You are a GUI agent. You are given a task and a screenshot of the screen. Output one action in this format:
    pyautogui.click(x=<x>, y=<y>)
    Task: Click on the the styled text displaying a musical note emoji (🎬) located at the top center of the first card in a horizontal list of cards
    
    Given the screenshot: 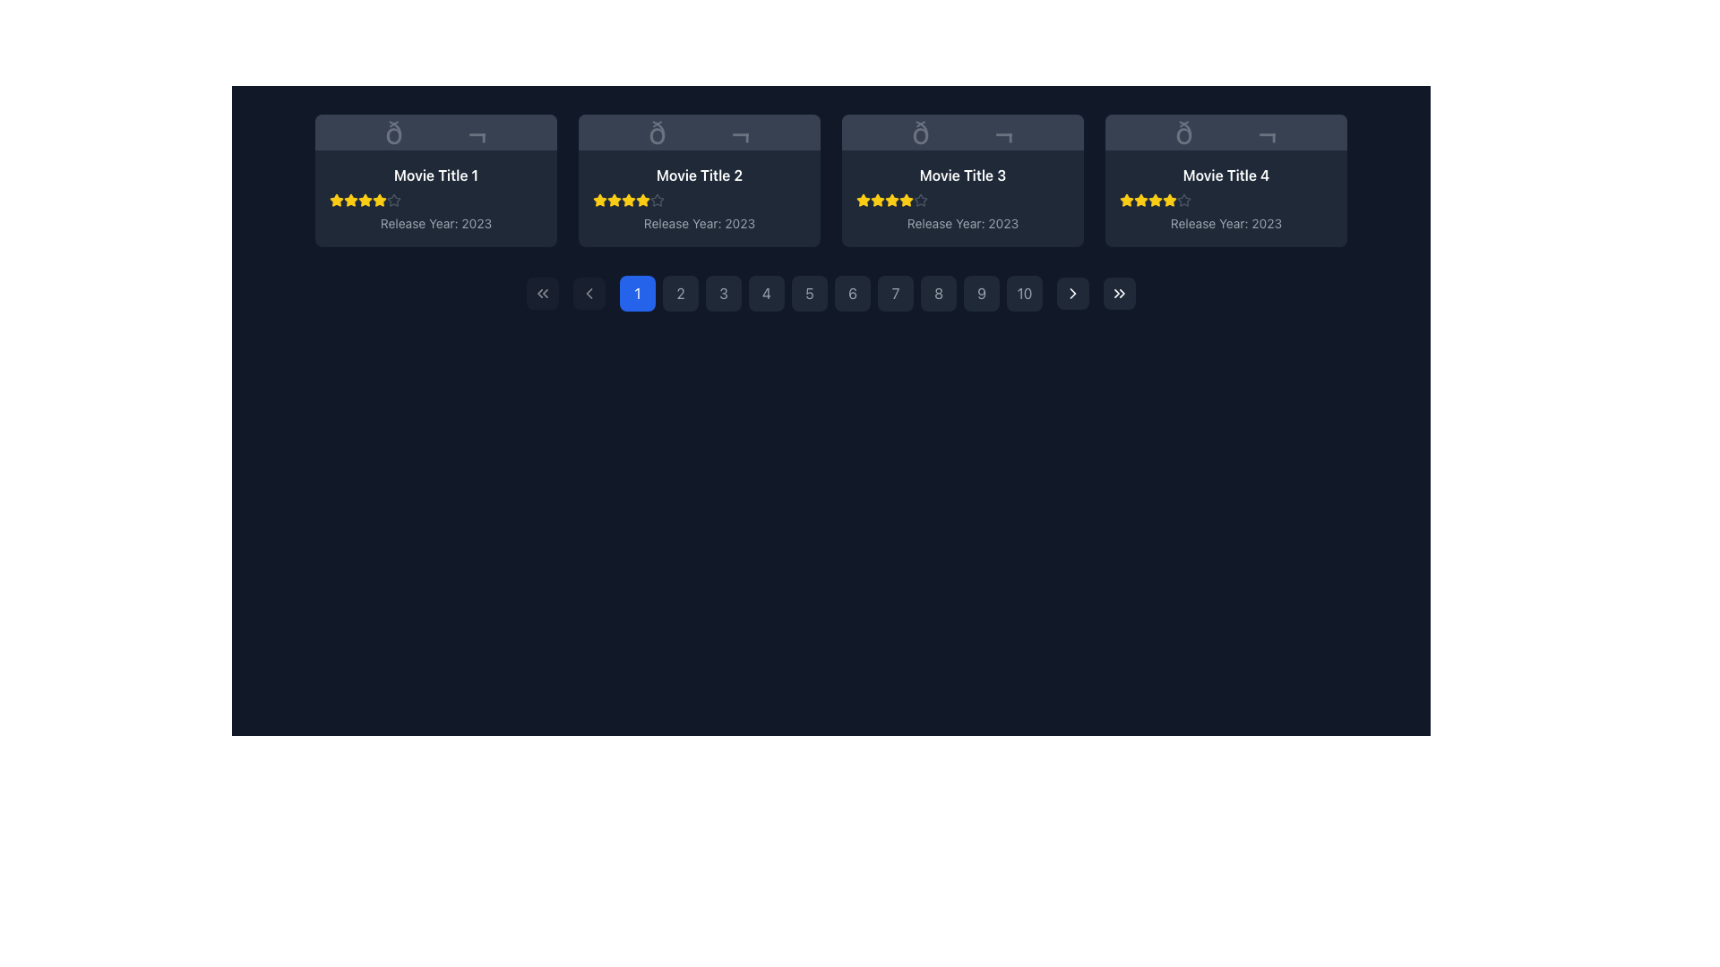 What is the action you would take?
    pyautogui.click(x=435, y=131)
    